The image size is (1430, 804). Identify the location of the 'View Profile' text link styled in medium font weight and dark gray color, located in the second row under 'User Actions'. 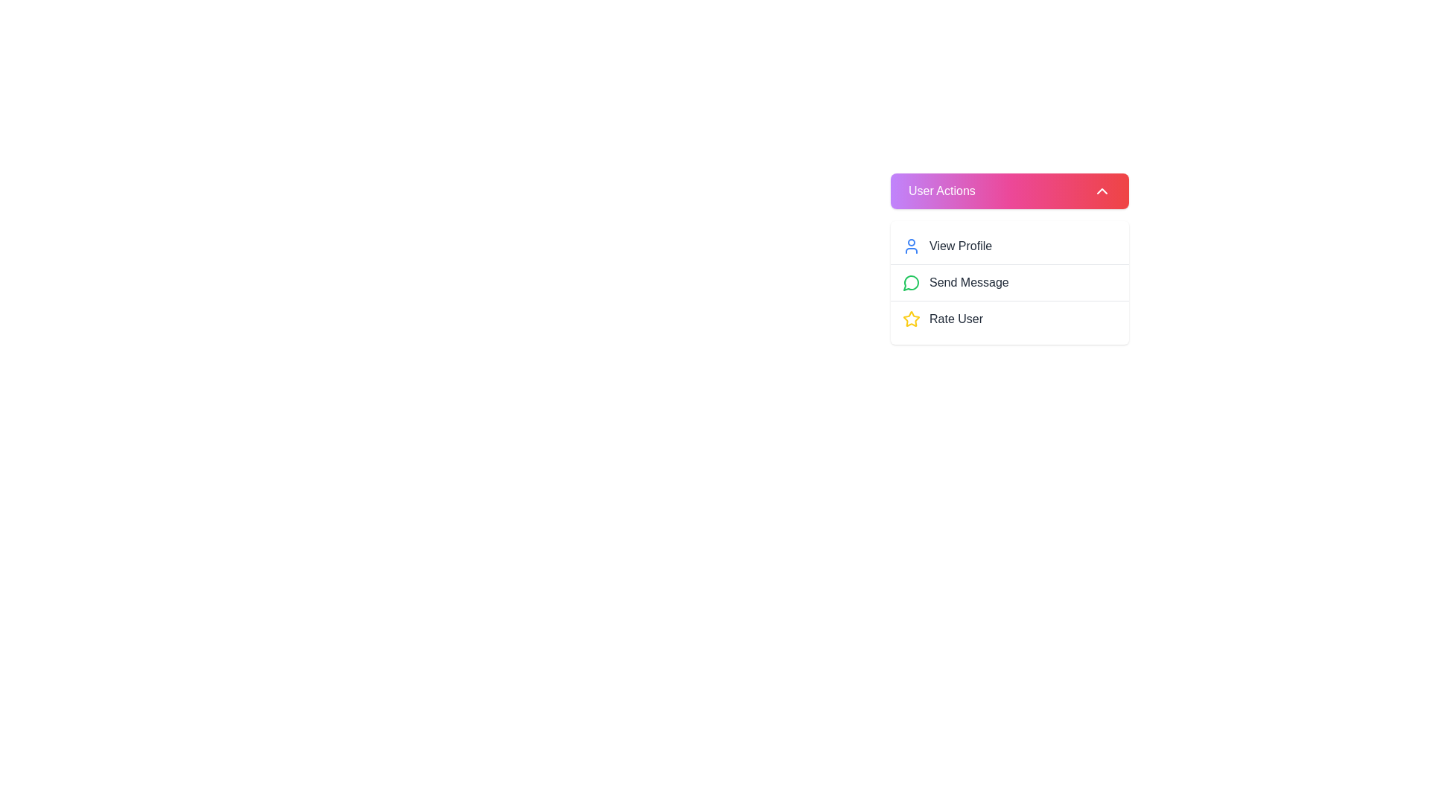
(961, 246).